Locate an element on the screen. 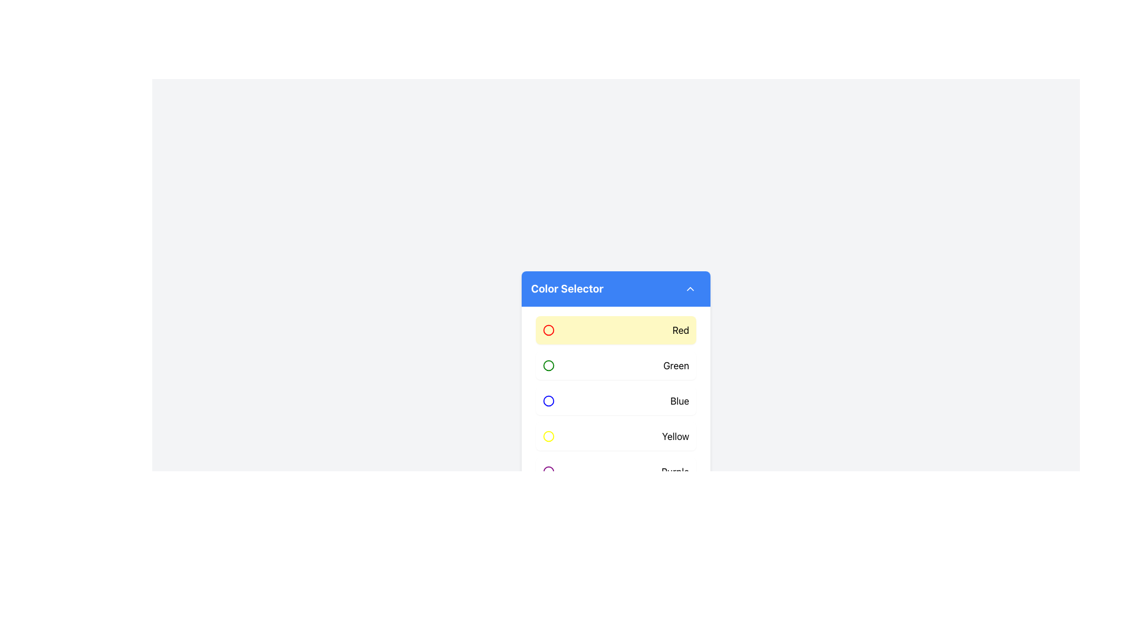  the Text Label that indicates the color represented by the associated graphic element to its left, which symbolizes the color blue is located at coordinates (680, 400).